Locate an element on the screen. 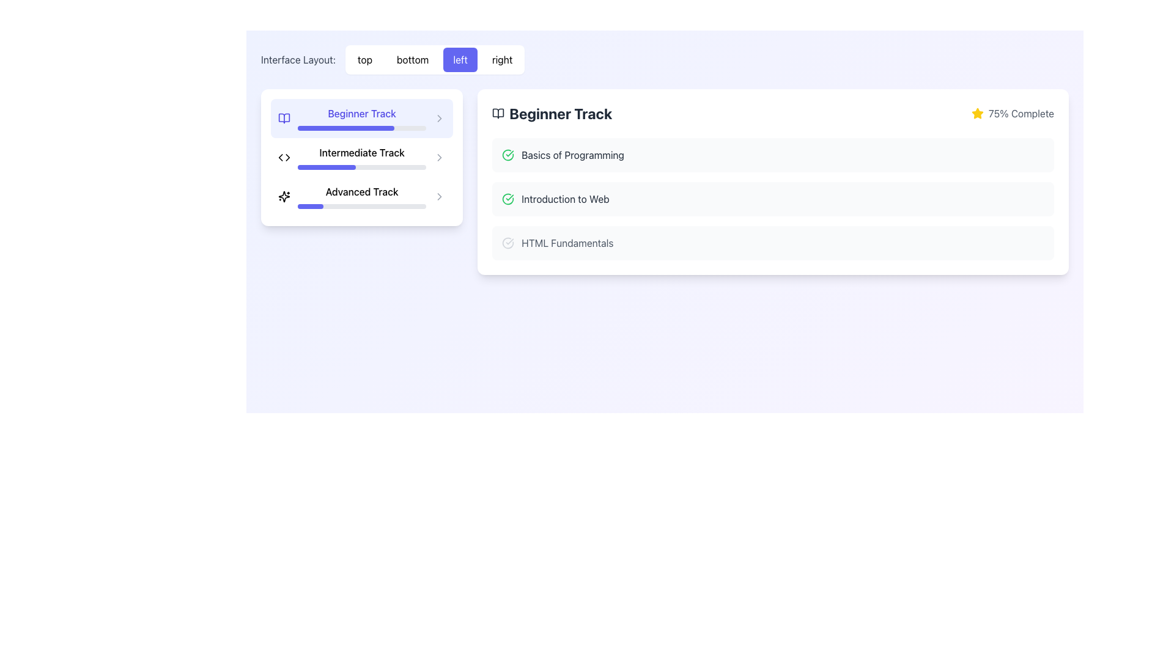 Image resolution: width=1174 pixels, height=660 pixels. the right-pointing chevron icon located at the far-right of the 'Advanced Track' menu option to highlight it is located at coordinates (440, 196).